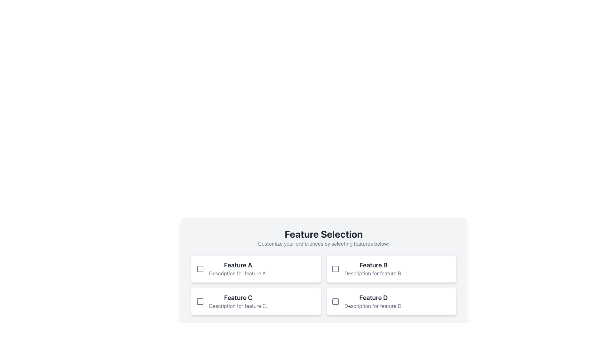 The height and width of the screenshot is (345, 613). Describe the element at coordinates (373, 269) in the screenshot. I see `the 'Feature B' option in the top row of selectable features` at that location.